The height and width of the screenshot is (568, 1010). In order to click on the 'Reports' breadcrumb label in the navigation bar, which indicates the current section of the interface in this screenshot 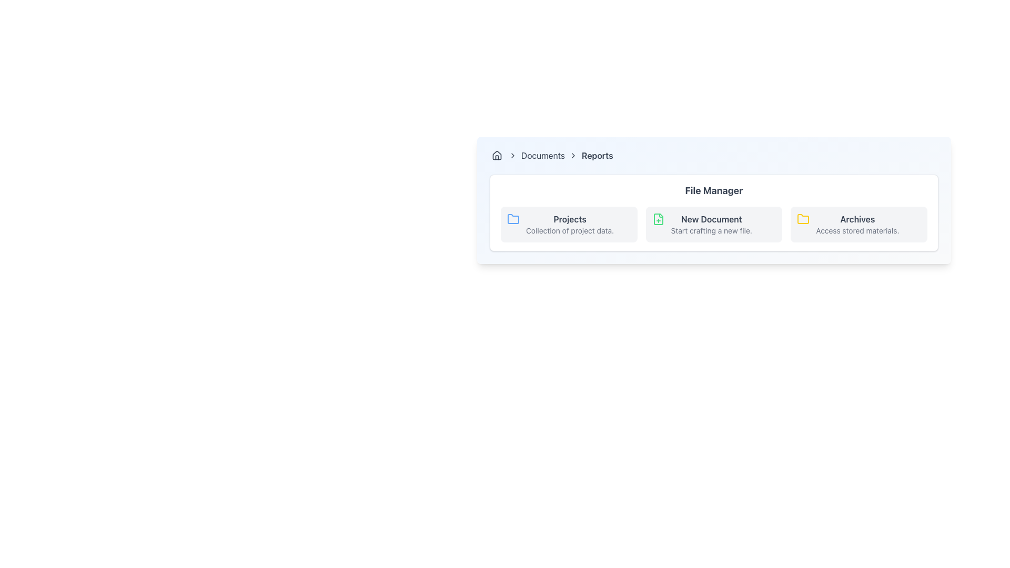, I will do `click(597, 156)`.